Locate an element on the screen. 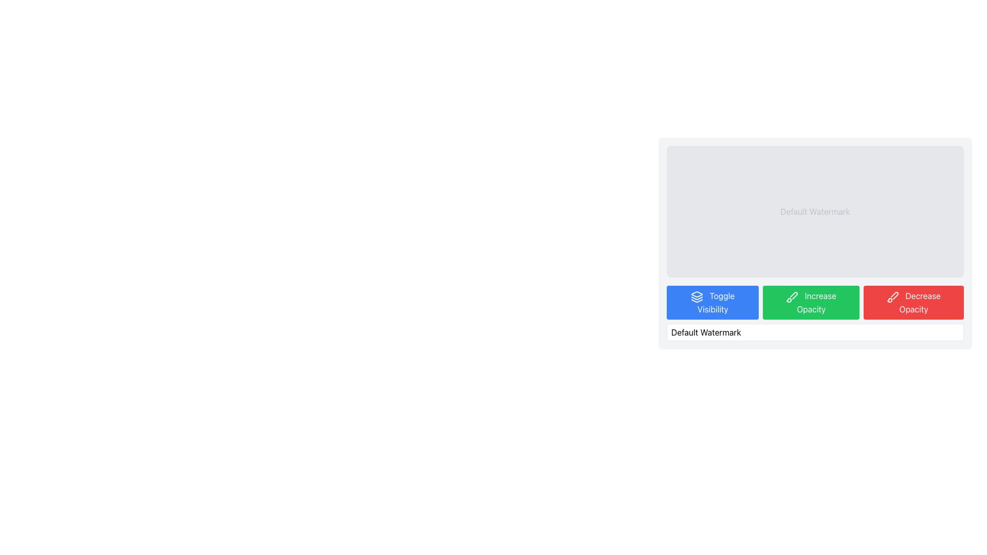 The height and width of the screenshot is (555, 987). the icon located on the right side of the green button labeled 'Increase Opacity', which resembles a brush design is located at coordinates (794, 295).